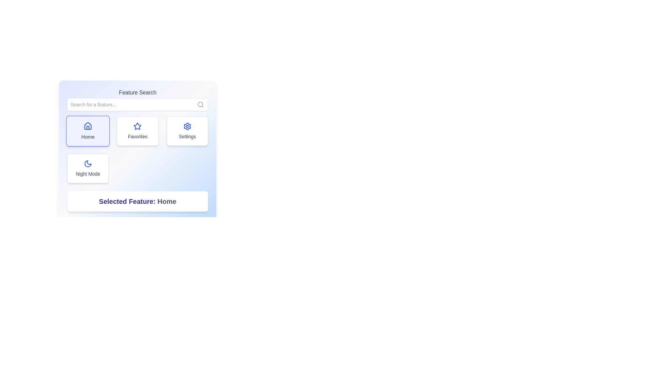 Image resolution: width=652 pixels, height=367 pixels. Describe the element at coordinates (137, 126) in the screenshot. I see `the Favorites SVG icon located in the second button of the top row of a three-button grid` at that location.